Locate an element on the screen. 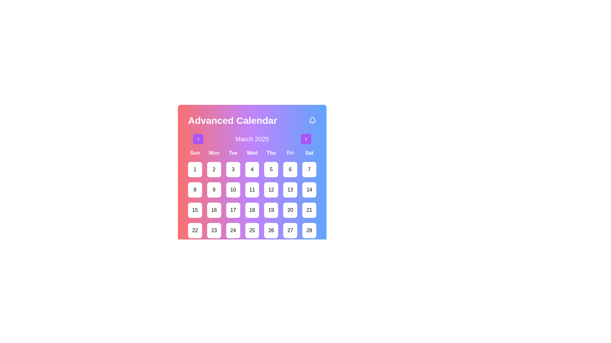 Image resolution: width=611 pixels, height=343 pixels. the Calendar date element representing the 10th of the month, which is located in the third column of the second row corresponding to 'Tuesday' is located at coordinates (233, 189).